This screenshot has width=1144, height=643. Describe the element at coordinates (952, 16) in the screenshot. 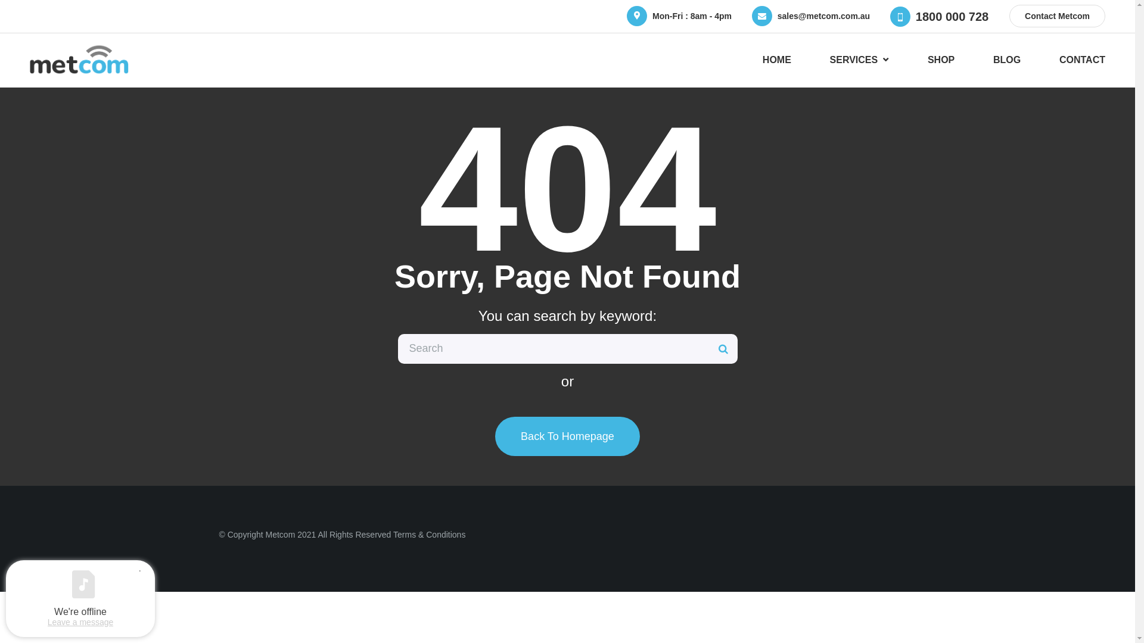

I see `'1800 000 728'` at that location.